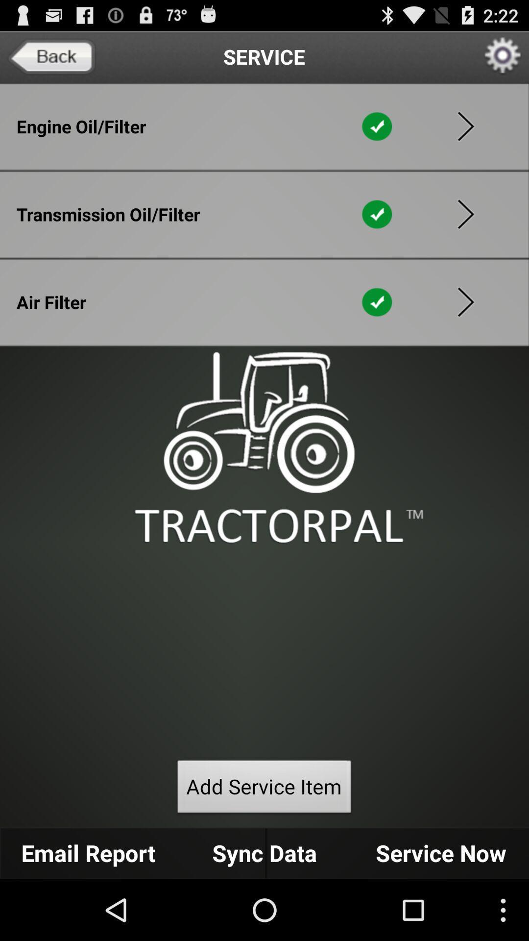 The height and width of the screenshot is (941, 529). I want to click on the play icon, so click(465, 135).